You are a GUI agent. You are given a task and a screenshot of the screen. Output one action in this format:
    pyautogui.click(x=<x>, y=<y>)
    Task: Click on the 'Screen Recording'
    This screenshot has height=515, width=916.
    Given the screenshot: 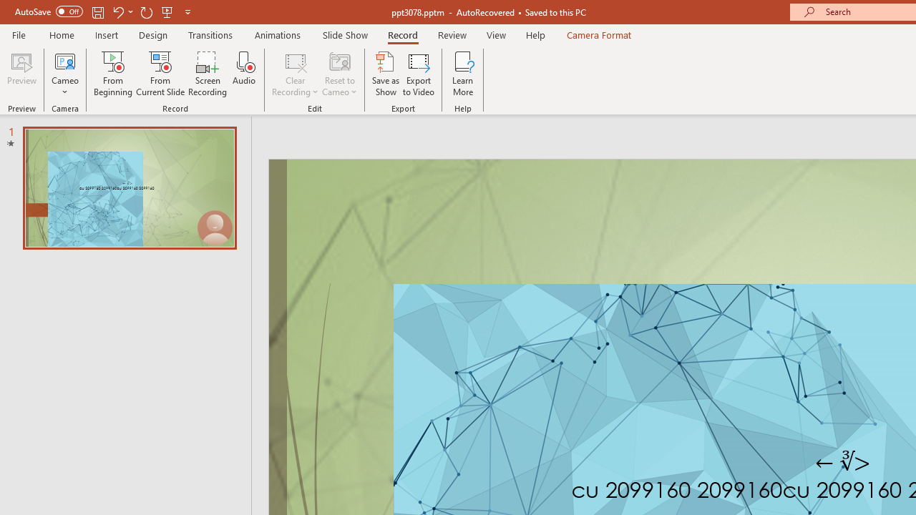 What is the action you would take?
    pyautogui.click(x=207, y=74)
    